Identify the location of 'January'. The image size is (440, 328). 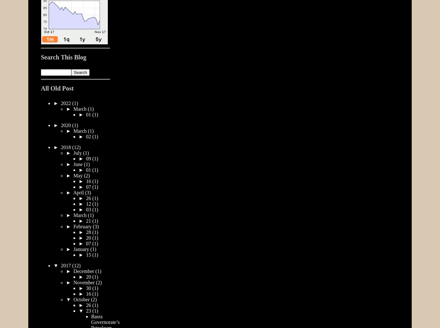
(81, 248).